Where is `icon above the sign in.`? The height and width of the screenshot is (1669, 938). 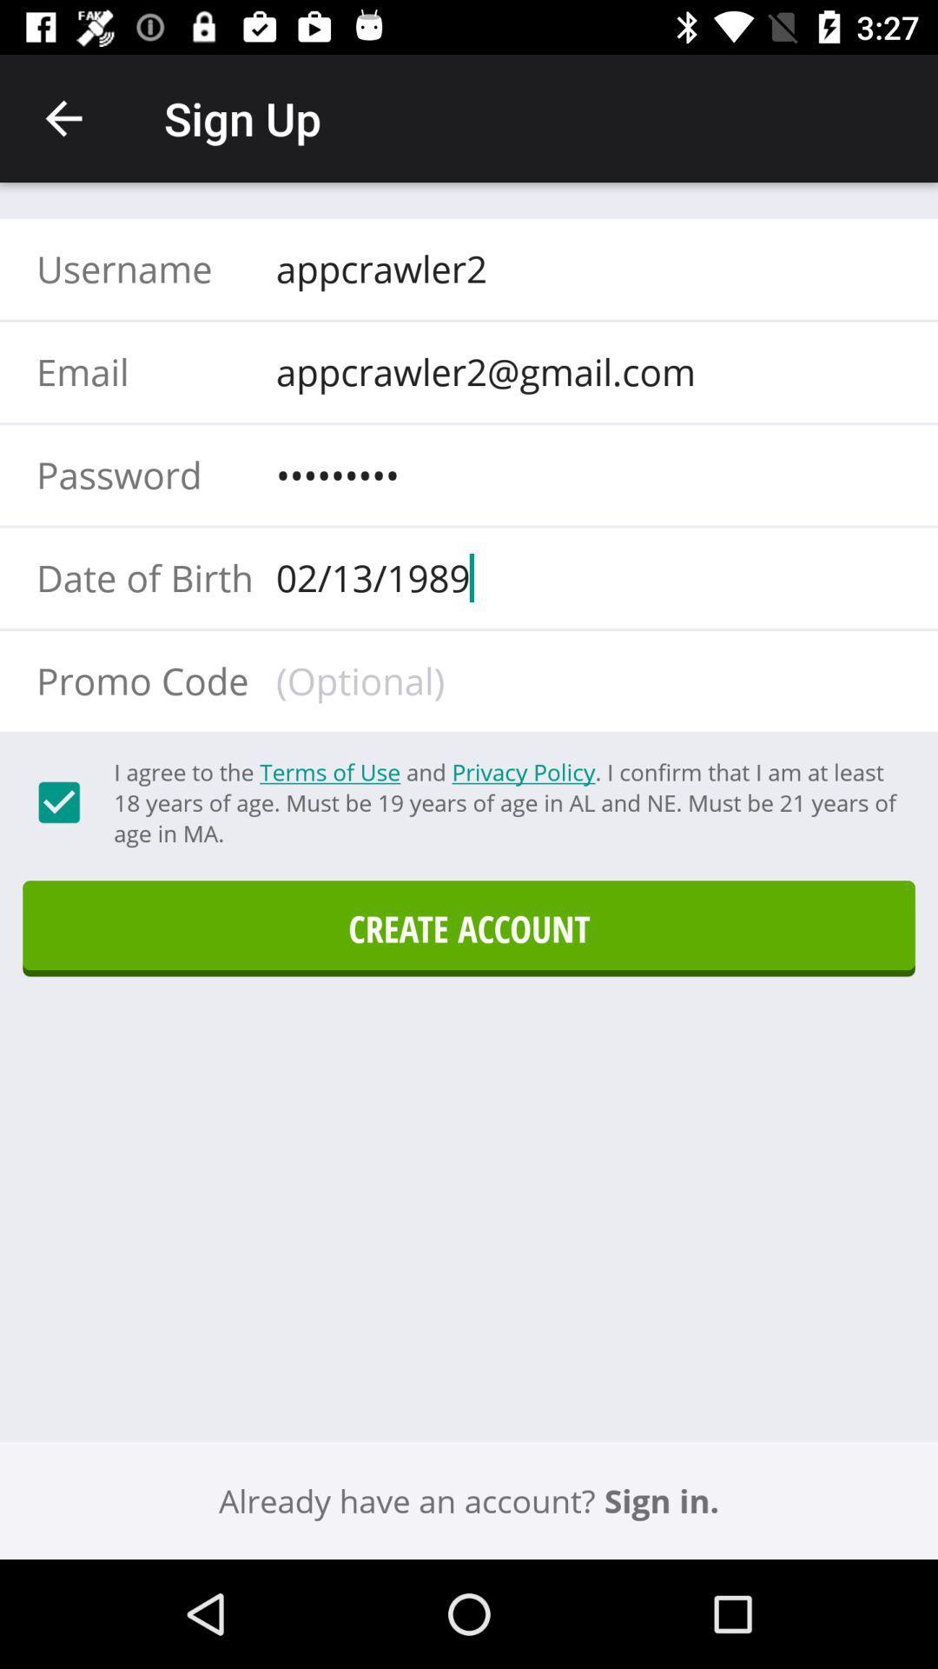 icon above the sign in. is located at coordinates (469, 928).